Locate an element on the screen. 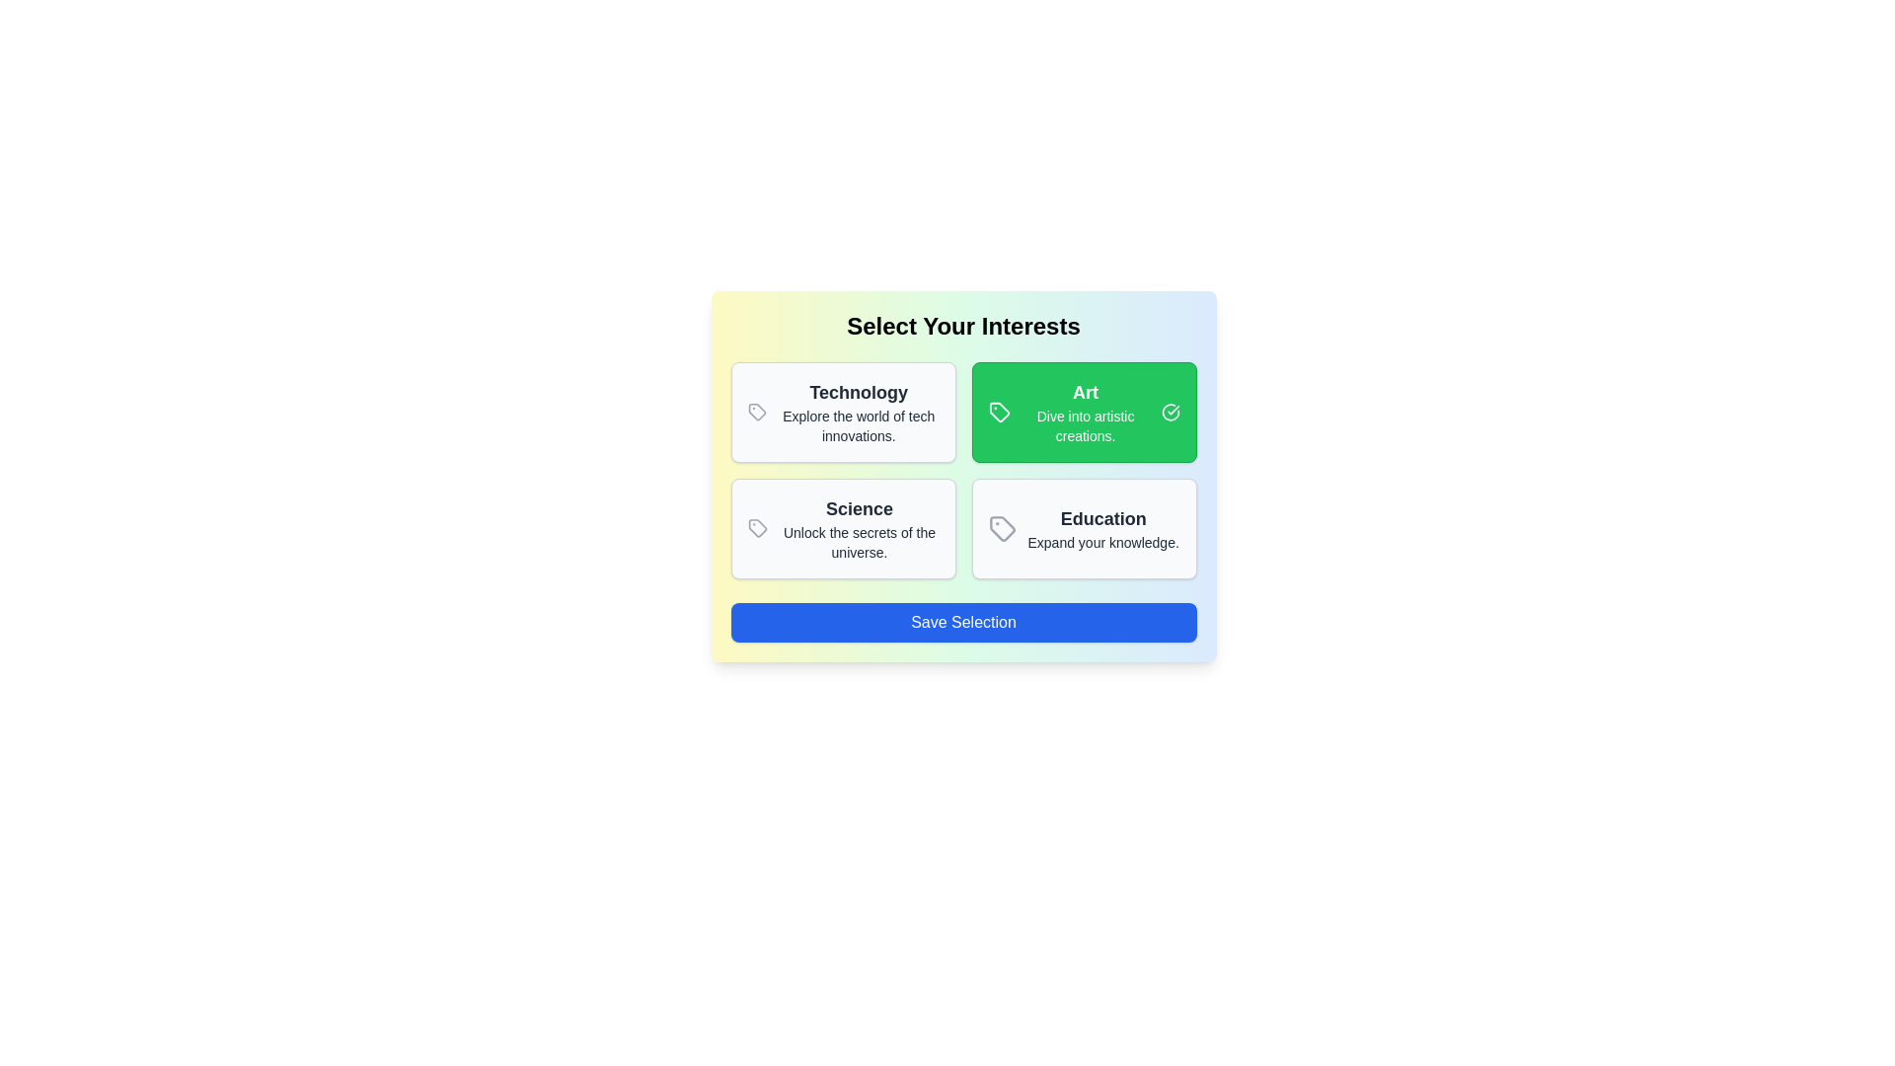 This screenshot has height=1066, width=1895. the category card for Technology is located at coordinates (843, 411).